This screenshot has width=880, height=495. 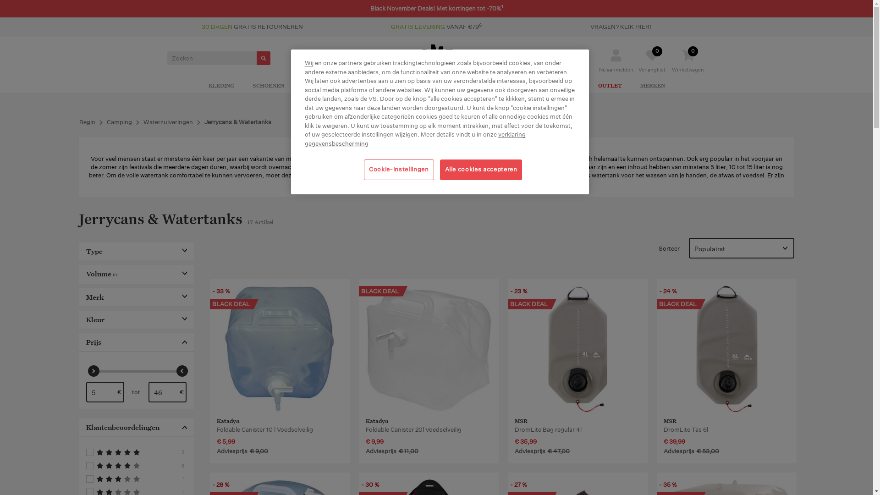 What do you see at coordinates (428, 349) in the screenshot?
I see `'Katadyn Foldable Canister 20l Voedselveilig '` at bounding box center [428, 349].